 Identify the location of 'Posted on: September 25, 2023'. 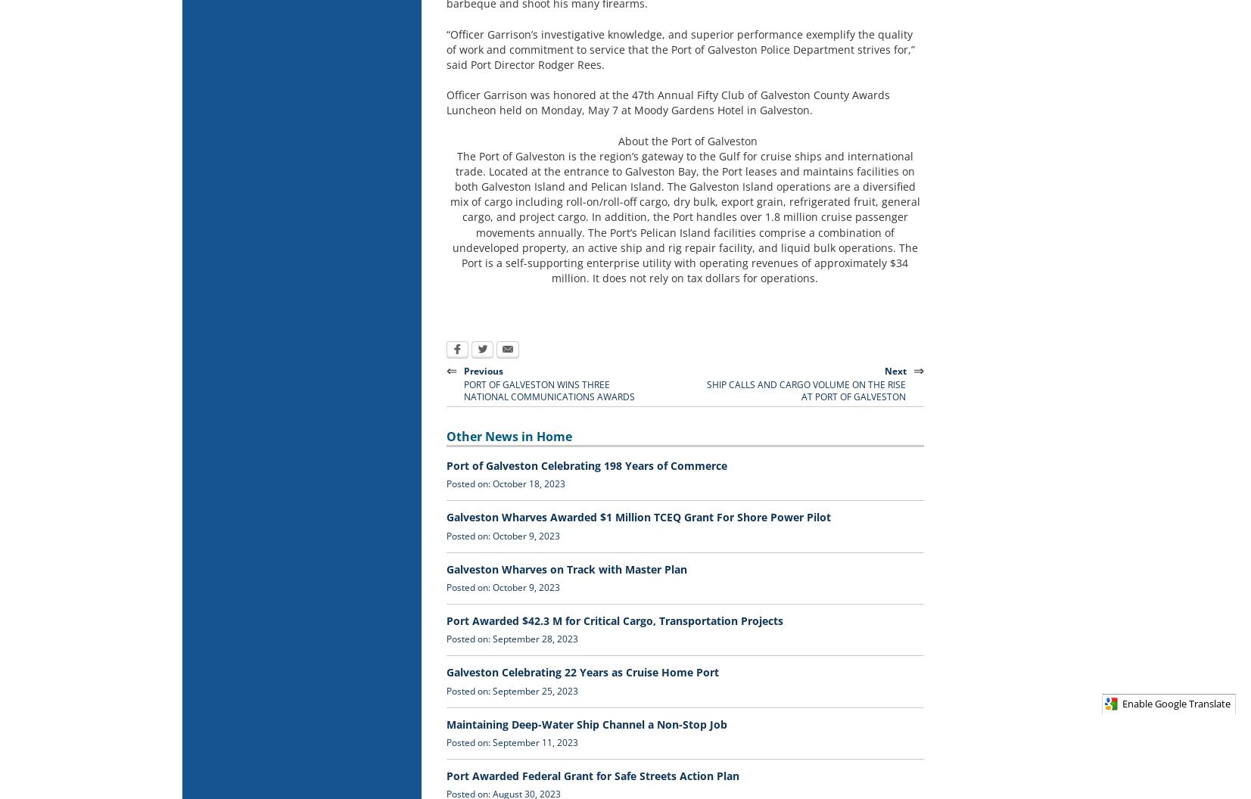
(512, 689).